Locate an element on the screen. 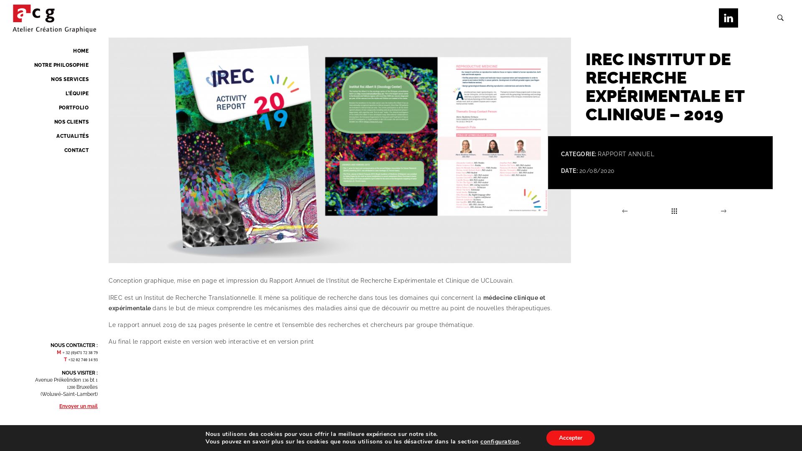 The image size is (802, 451). 'NOS CLIENTS' is located at coordinates (71, 122).